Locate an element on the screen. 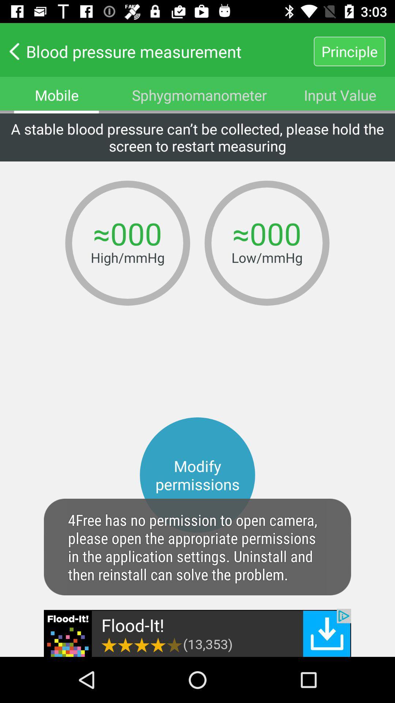  input value is located at coordinates (340, 94).